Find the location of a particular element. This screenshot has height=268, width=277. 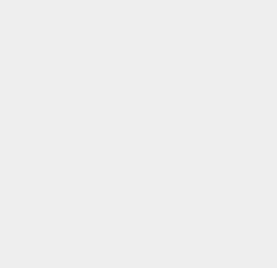

'Amazon' is located at coordinates (202, 17).